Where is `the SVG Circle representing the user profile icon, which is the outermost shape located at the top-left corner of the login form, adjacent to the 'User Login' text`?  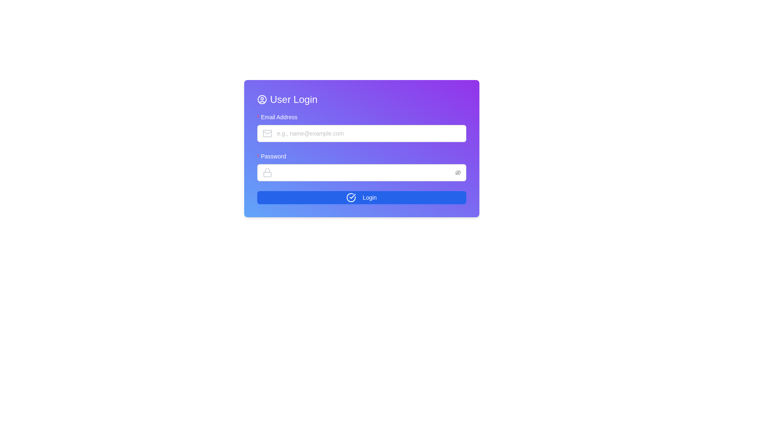 the SVG Circle representing the user profile icon, which is the outermost shape located at the top-left corner of the login form, adjacent to the 'User Login' text is located at coordinates (262, 99).